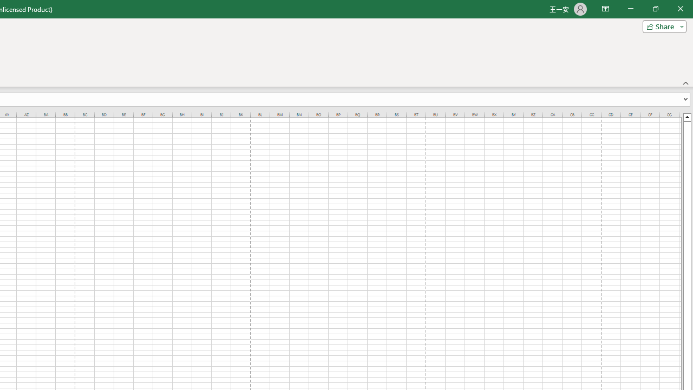  What do you see at coordinates (630, 9) in the screenshot?
I see `'Minimize'` at bounding box center [630, 9].